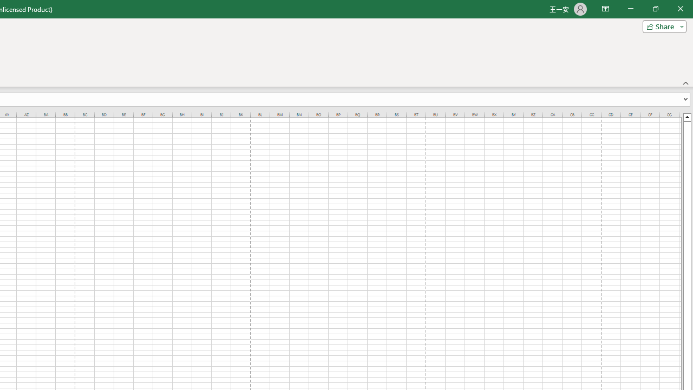  What do you see at coordinates (630, 9) in the screenshot?
I see `'Minimize'` at bounding box center [630, 9].